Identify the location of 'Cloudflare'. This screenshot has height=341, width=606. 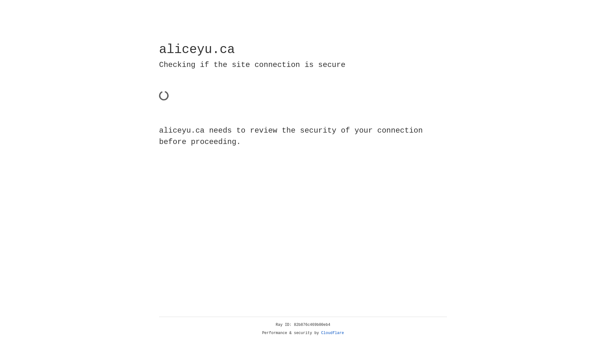
(332, 333).